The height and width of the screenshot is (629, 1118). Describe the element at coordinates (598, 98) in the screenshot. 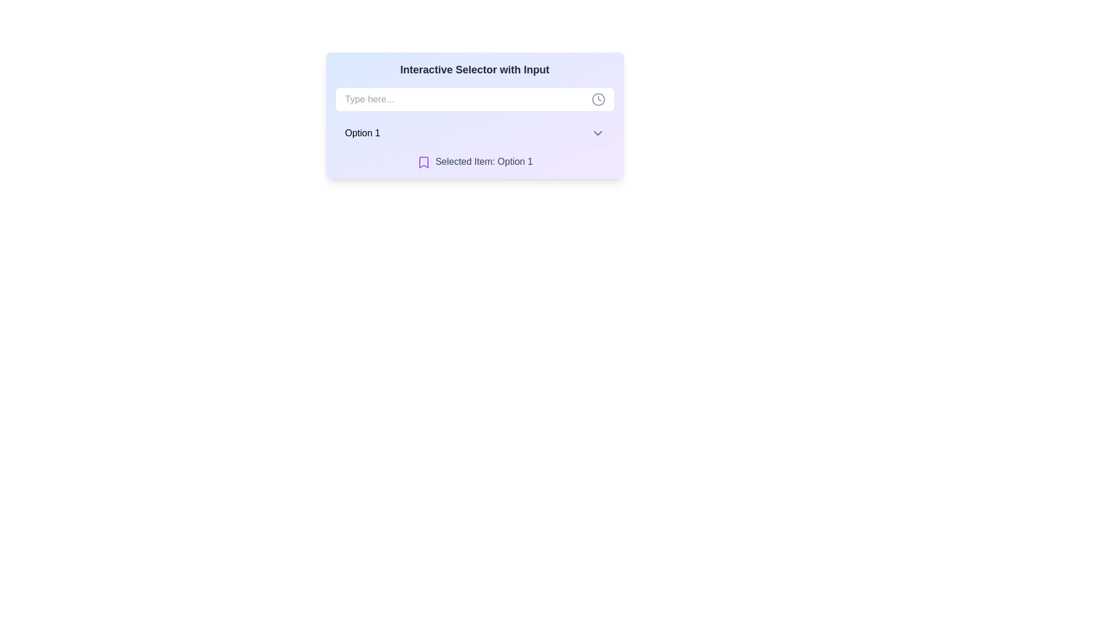

I see `the circular graphical element (circle in SVG) located at the center of the clock icon, which is positioned on the right side of the input field labeled 'Interactive Selector with Input'` at that location.